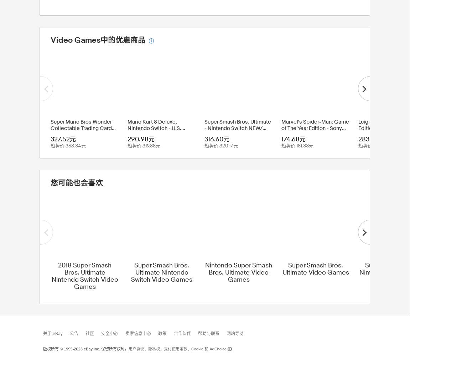  I want to click on 'Mario Kart 8 Deluxe, Nintendo Switch - U.S. Version', so click(128, 127).